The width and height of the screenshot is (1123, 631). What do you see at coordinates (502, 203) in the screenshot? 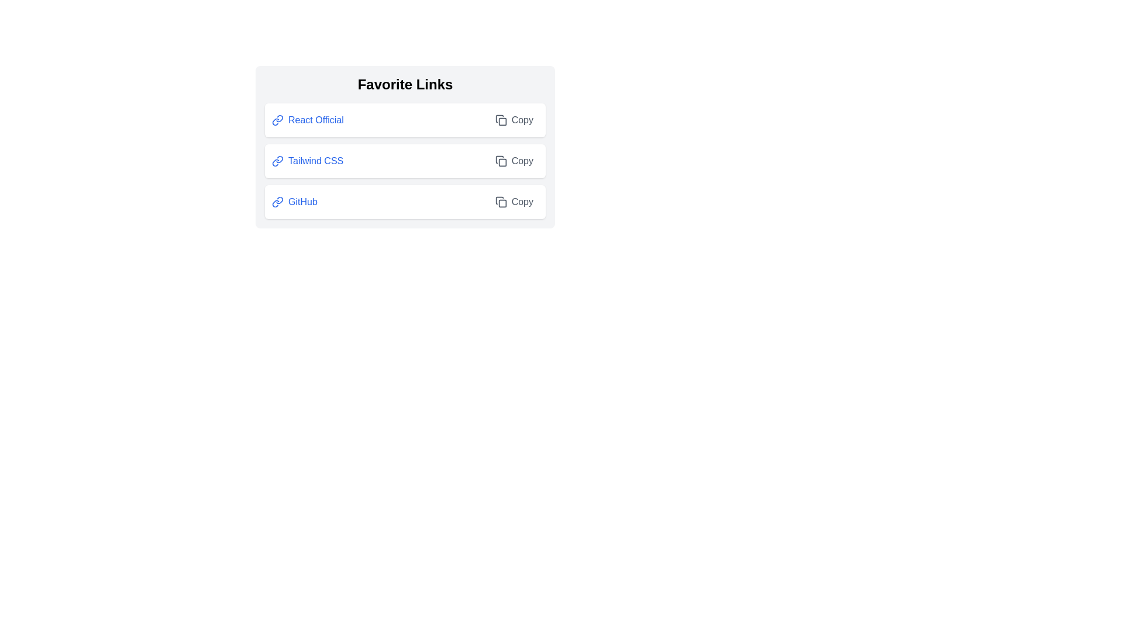
I see `the decorative component of the 'Copy' button located in the third row of the 'Favorite Links' list, which indicates the functionality to copy the associated link` at bounding box center [502, 203].